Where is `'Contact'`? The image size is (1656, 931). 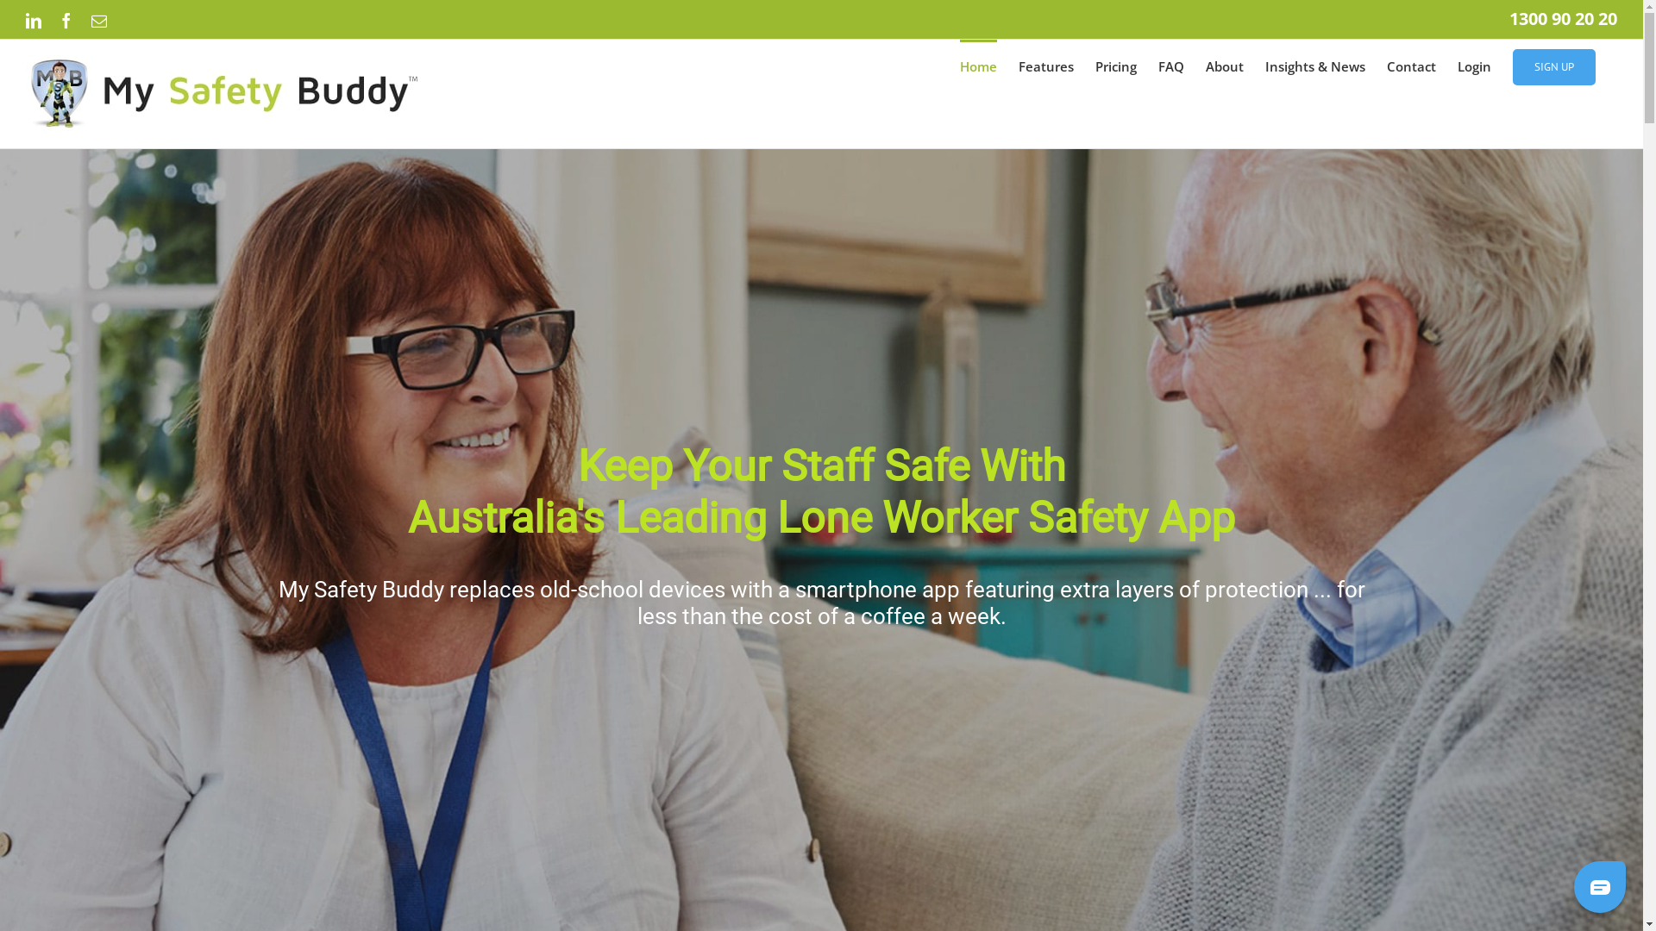
'Contact' is located at coordinates (1411, 65).